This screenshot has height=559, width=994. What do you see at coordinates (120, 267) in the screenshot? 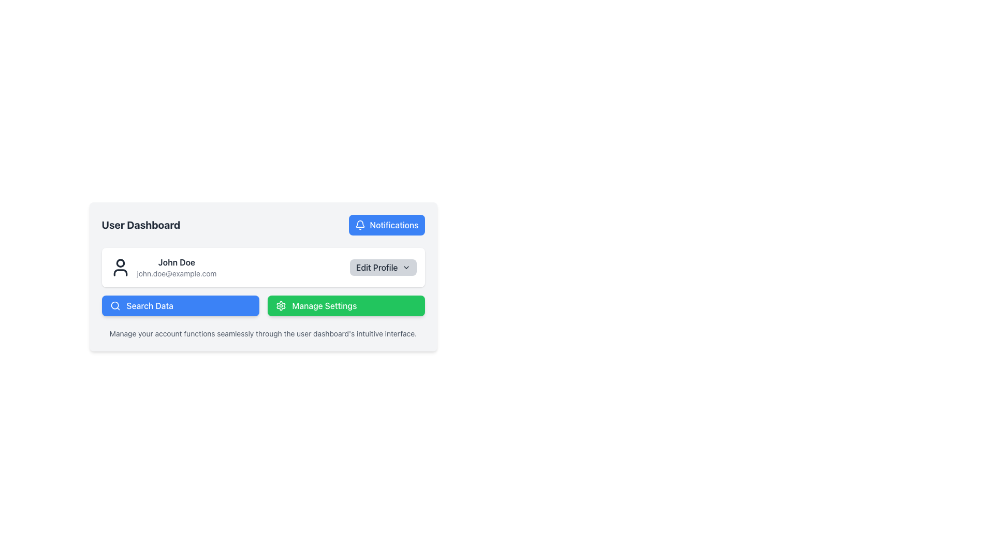
I see `the user profile icon located on the left-hand side of the user profile section, which is next to the text 'John Doe' and 'john.doe@example.com'` at bounding box center [120, 267].